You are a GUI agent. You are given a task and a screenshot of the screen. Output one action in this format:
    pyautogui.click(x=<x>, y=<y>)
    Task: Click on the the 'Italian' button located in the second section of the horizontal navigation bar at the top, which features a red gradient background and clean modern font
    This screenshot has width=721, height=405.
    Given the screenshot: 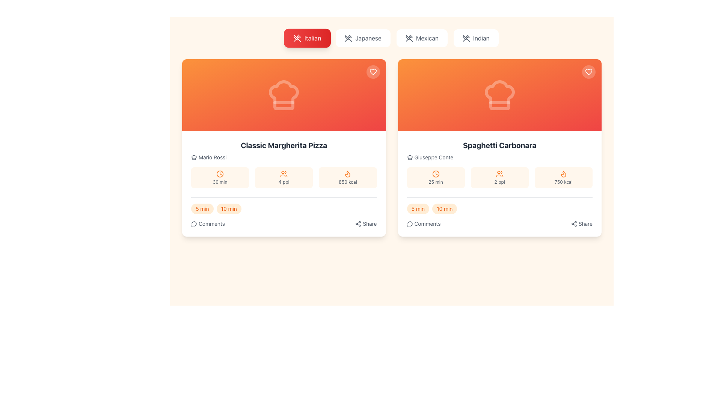 What is the action you would take?
    pyautogui.click(x=313, y=38)
    